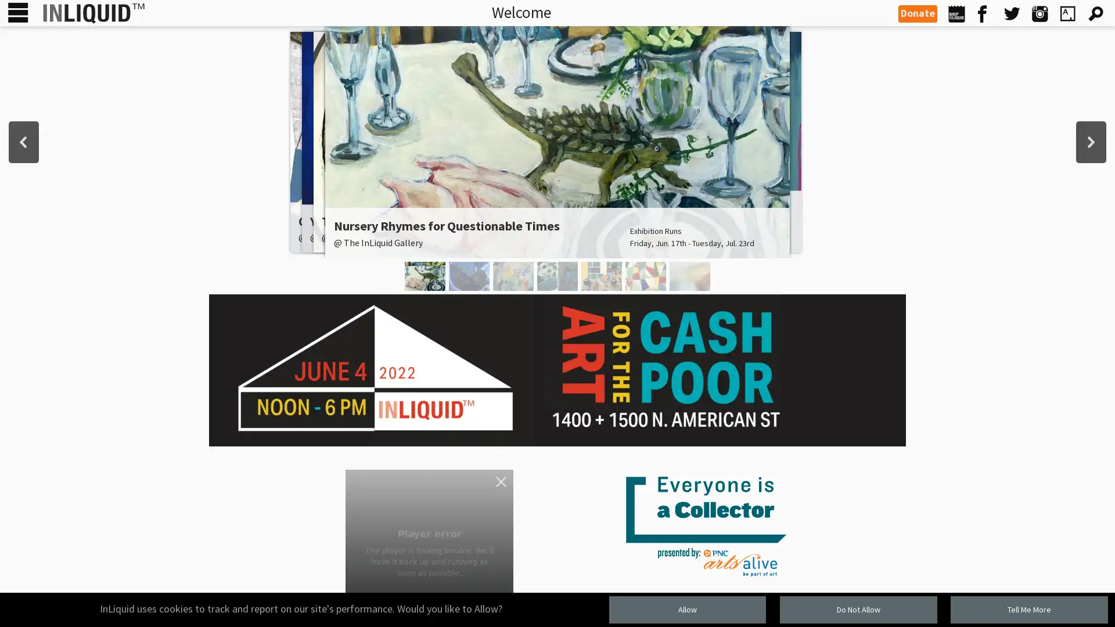 This screenshot has width=1115, height=627. I want to click on Justin Snow, so click(689, 276).